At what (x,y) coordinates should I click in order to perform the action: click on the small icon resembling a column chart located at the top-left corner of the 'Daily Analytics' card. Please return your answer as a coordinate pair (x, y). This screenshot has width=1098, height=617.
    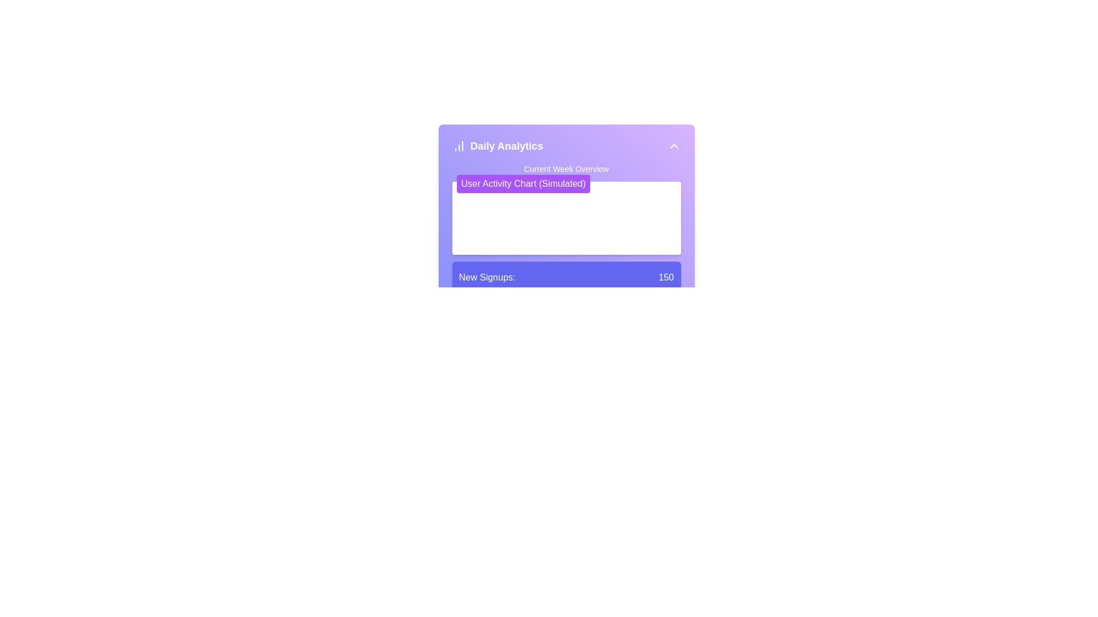
    Looking at the image, I should click on (459, 145).